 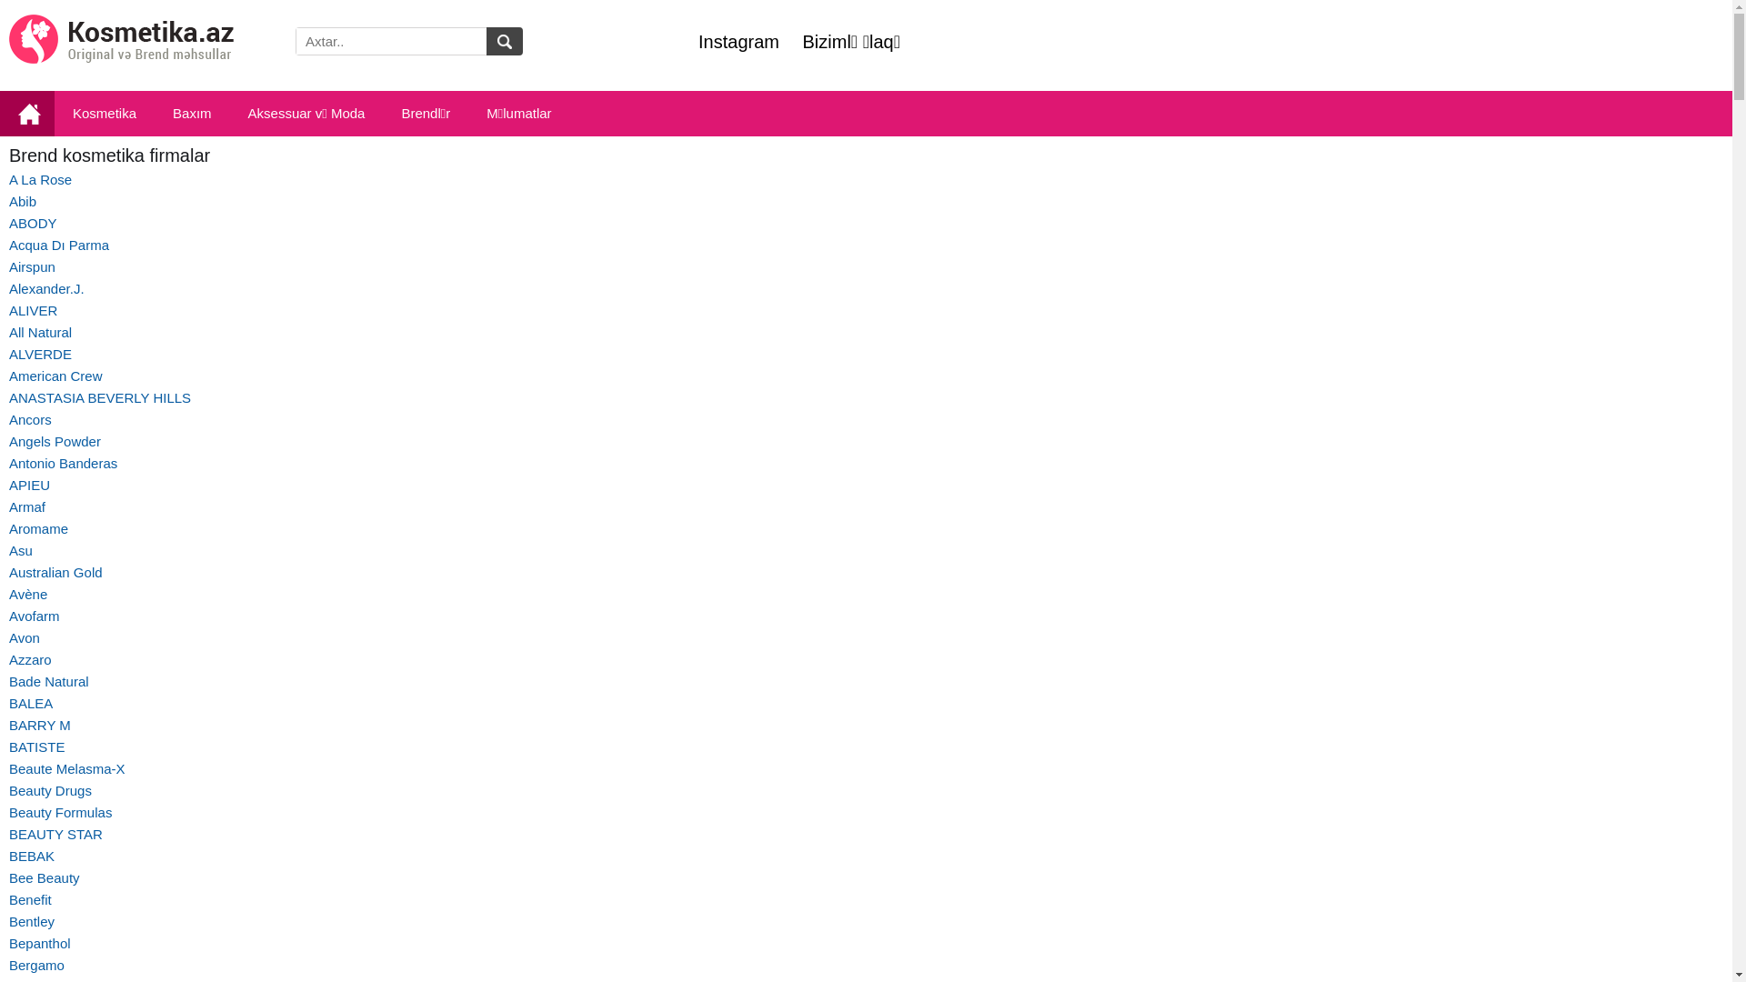 I want to click on 'Australian Gold', so click(x=55, y=571).